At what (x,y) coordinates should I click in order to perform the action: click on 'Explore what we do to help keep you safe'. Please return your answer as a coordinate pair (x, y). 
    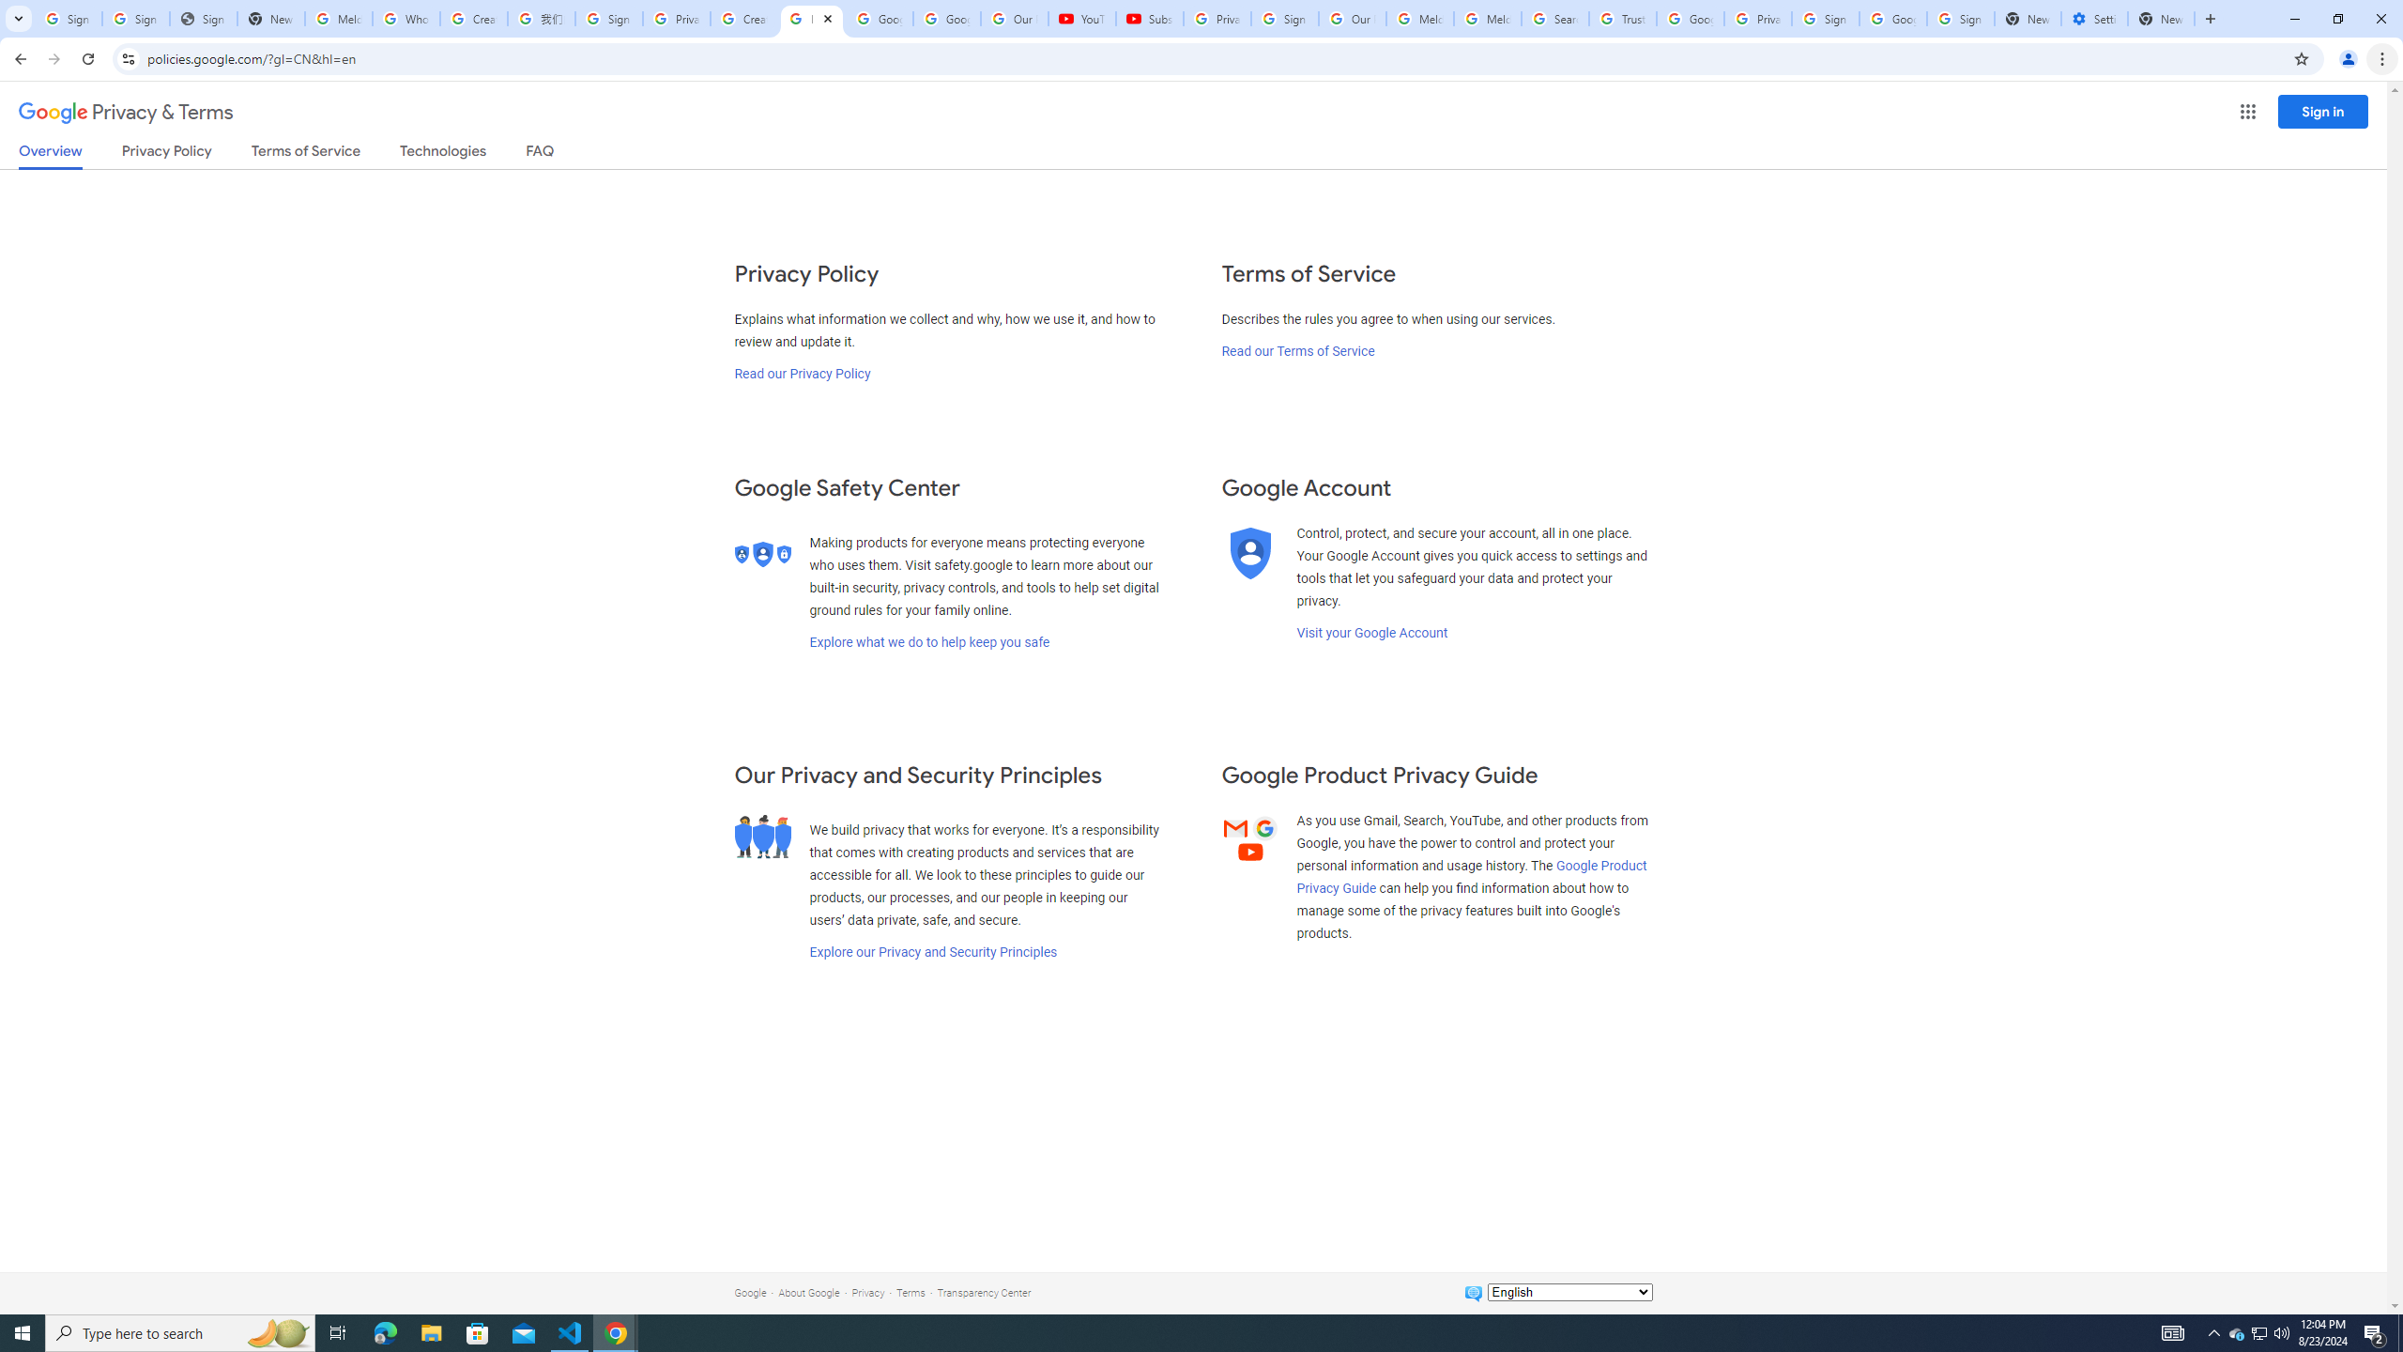
    Looking at the image, I should click on (929, 641).